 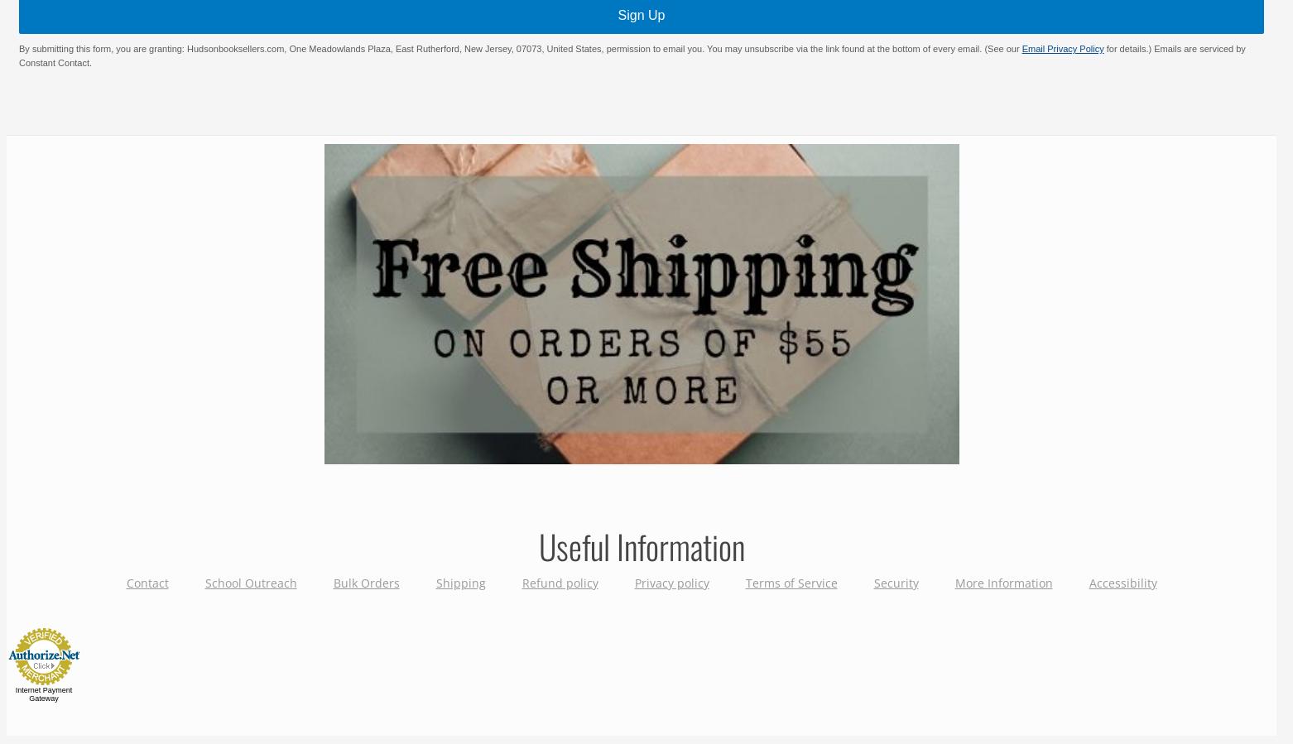 What do you see at coordinates (1122, 581) in the screenshot?
I see `'Accessibility'` at bounding box center [1122, 581].